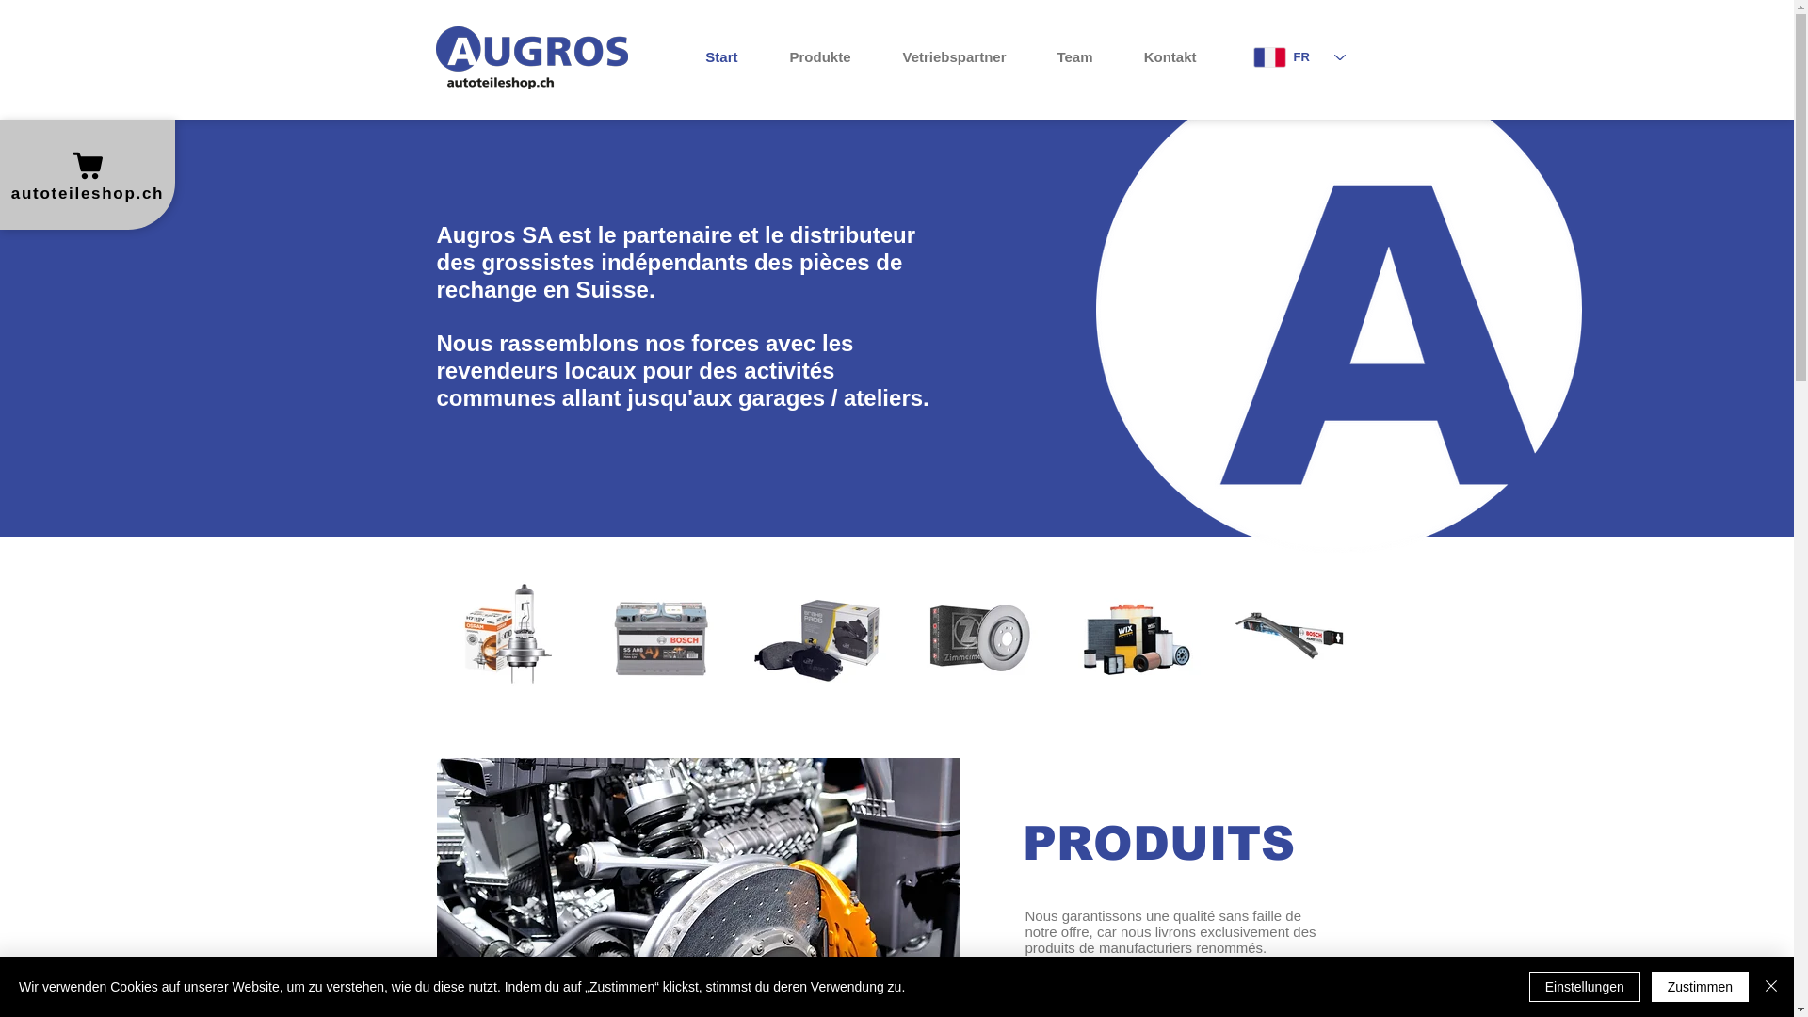 The height and width of the screenshot is (1017, 1808). Describe the element at coordinates (86, 174) in the screenshot. I see `'autoteileshop.ch'` at that location.